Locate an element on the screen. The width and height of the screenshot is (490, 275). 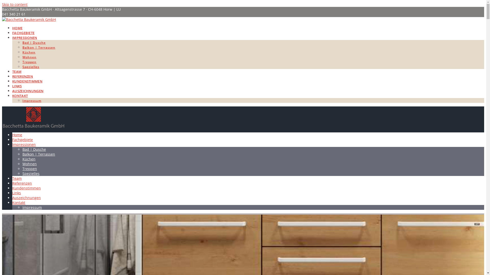
'FACHGEBIETE' is located at coordinates (23, 33).